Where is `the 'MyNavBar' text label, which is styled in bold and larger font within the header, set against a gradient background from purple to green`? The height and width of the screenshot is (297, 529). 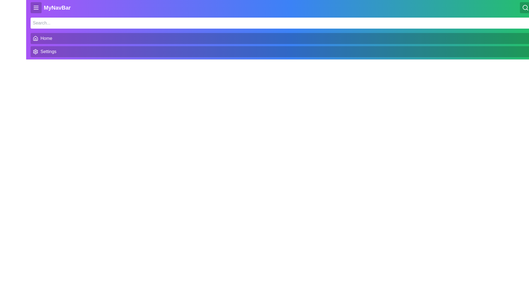
the 'MyNavBar' text label, which is styled in bold and larger font within the header, set against a gradient background from purple to green is located at coordinates (57, 7).